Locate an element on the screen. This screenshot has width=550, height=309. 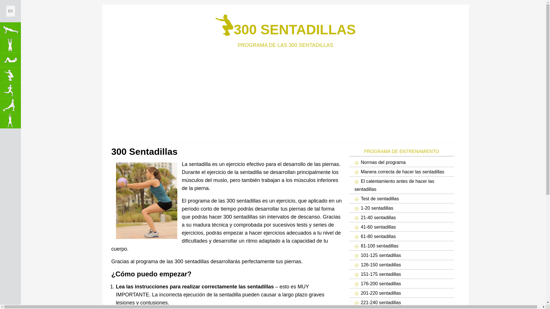
'221-240 sentadillas' is located at coordinates (401, 302).